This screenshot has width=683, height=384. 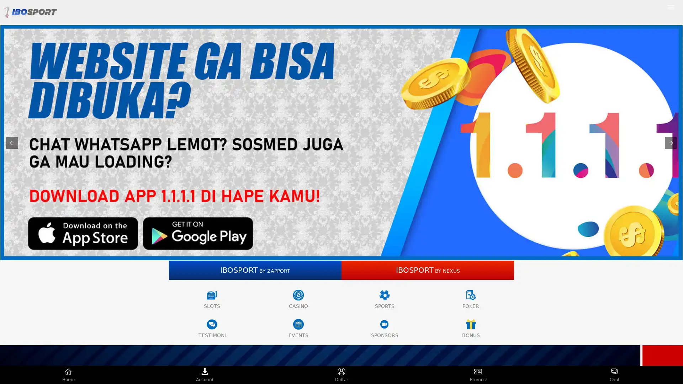 I want to click on Previous item in carousel (3 of 5), so click(x=12, y=143).